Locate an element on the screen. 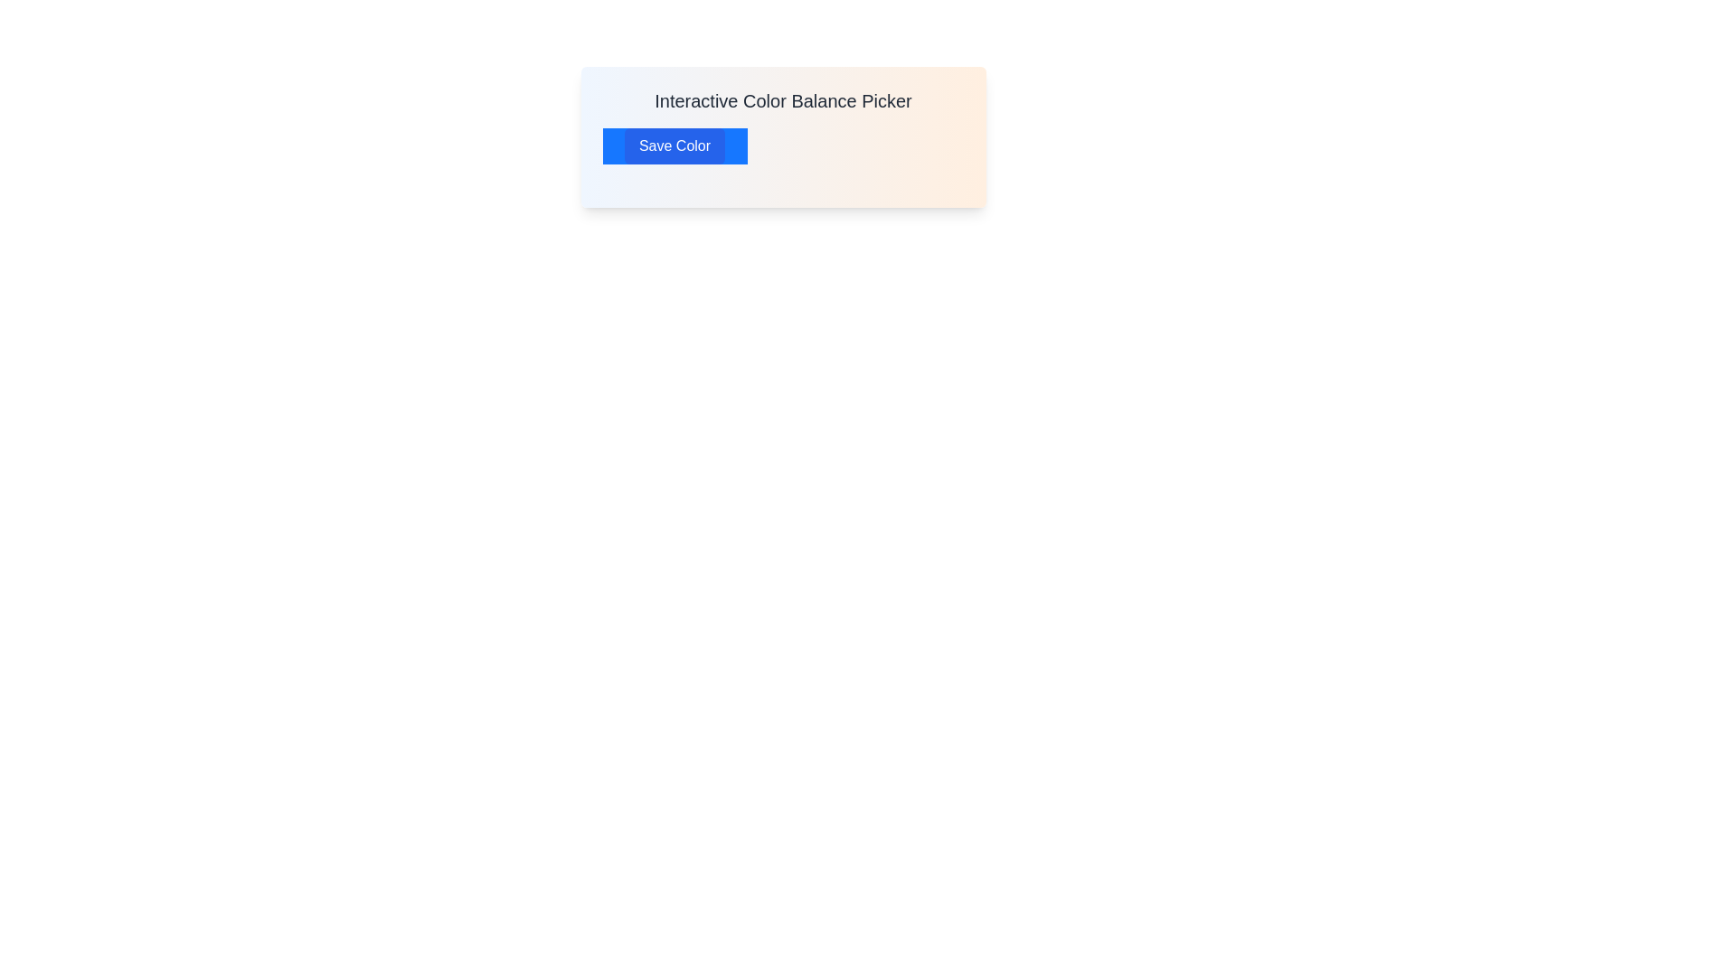 This screenshot has width=1736, height=976. the 'Save Color' button, which has a blue background and white text, to observe its styling change is located at coordinates (674, 145).